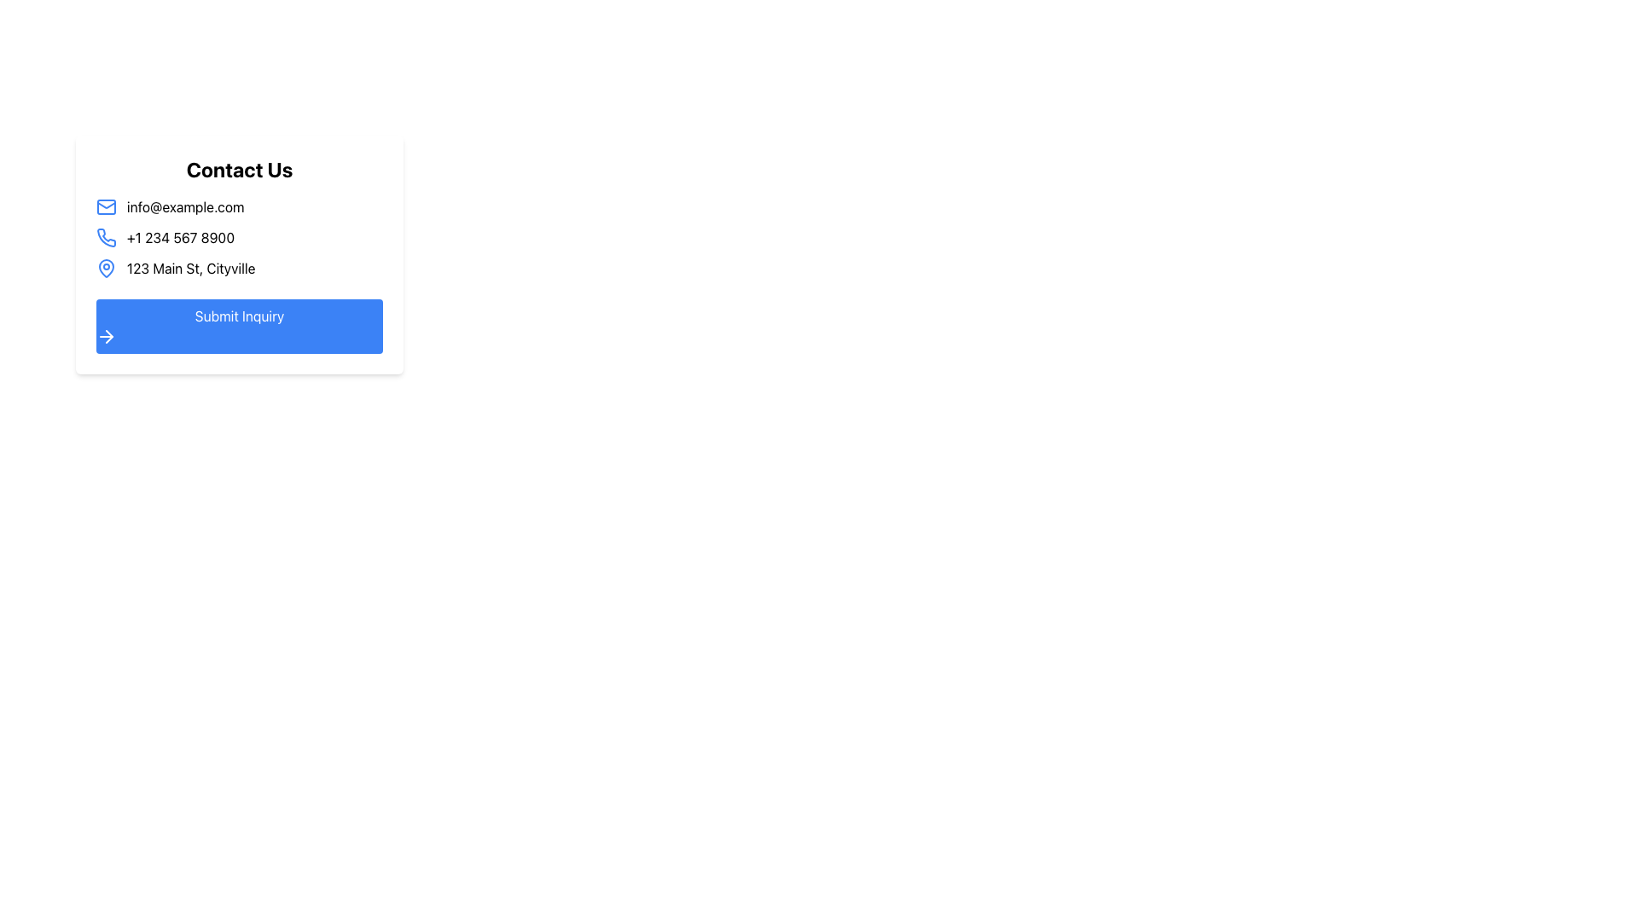 This screenshot has width=1638, height=921. I want to click on the text displaying the email address 'info@example.com' accompanied by an envelope icon, so click(239, 206).